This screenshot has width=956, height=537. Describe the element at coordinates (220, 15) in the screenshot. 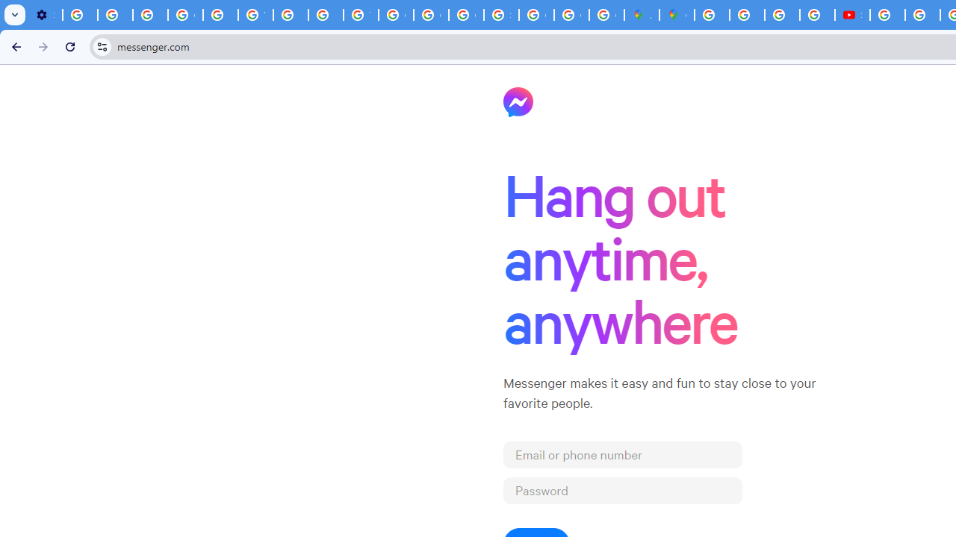

I see `'Privacy Help Center - Policies Help'` at that location.